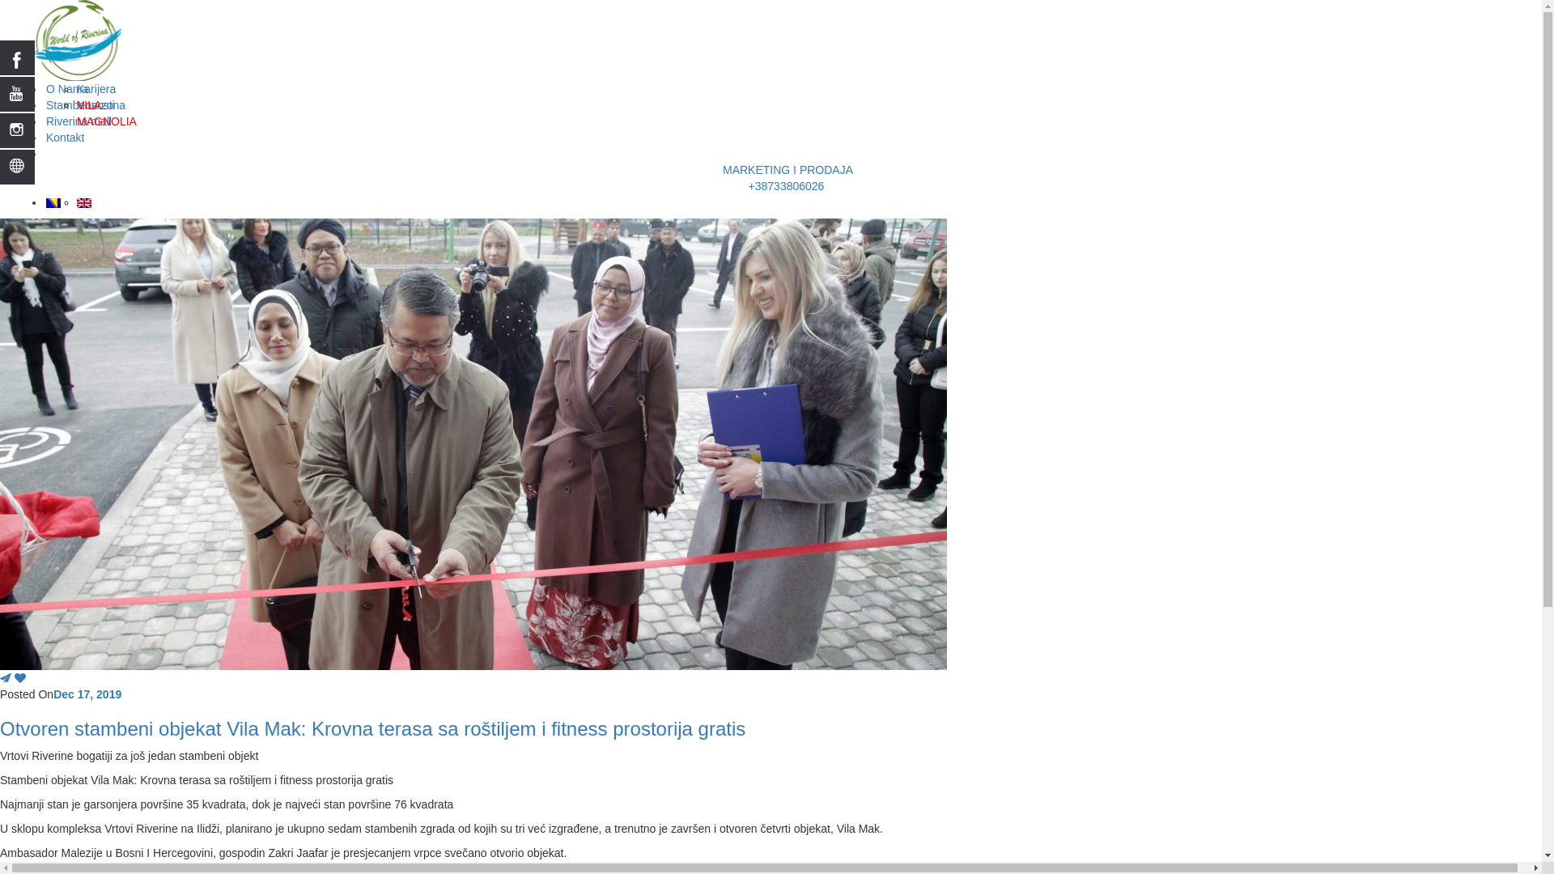 Image resolution: width=1554 pixels, height=874 pixels. Describe the element at coordinates (95, 105) in the screenshot. I see `'Novosti'` at that location.